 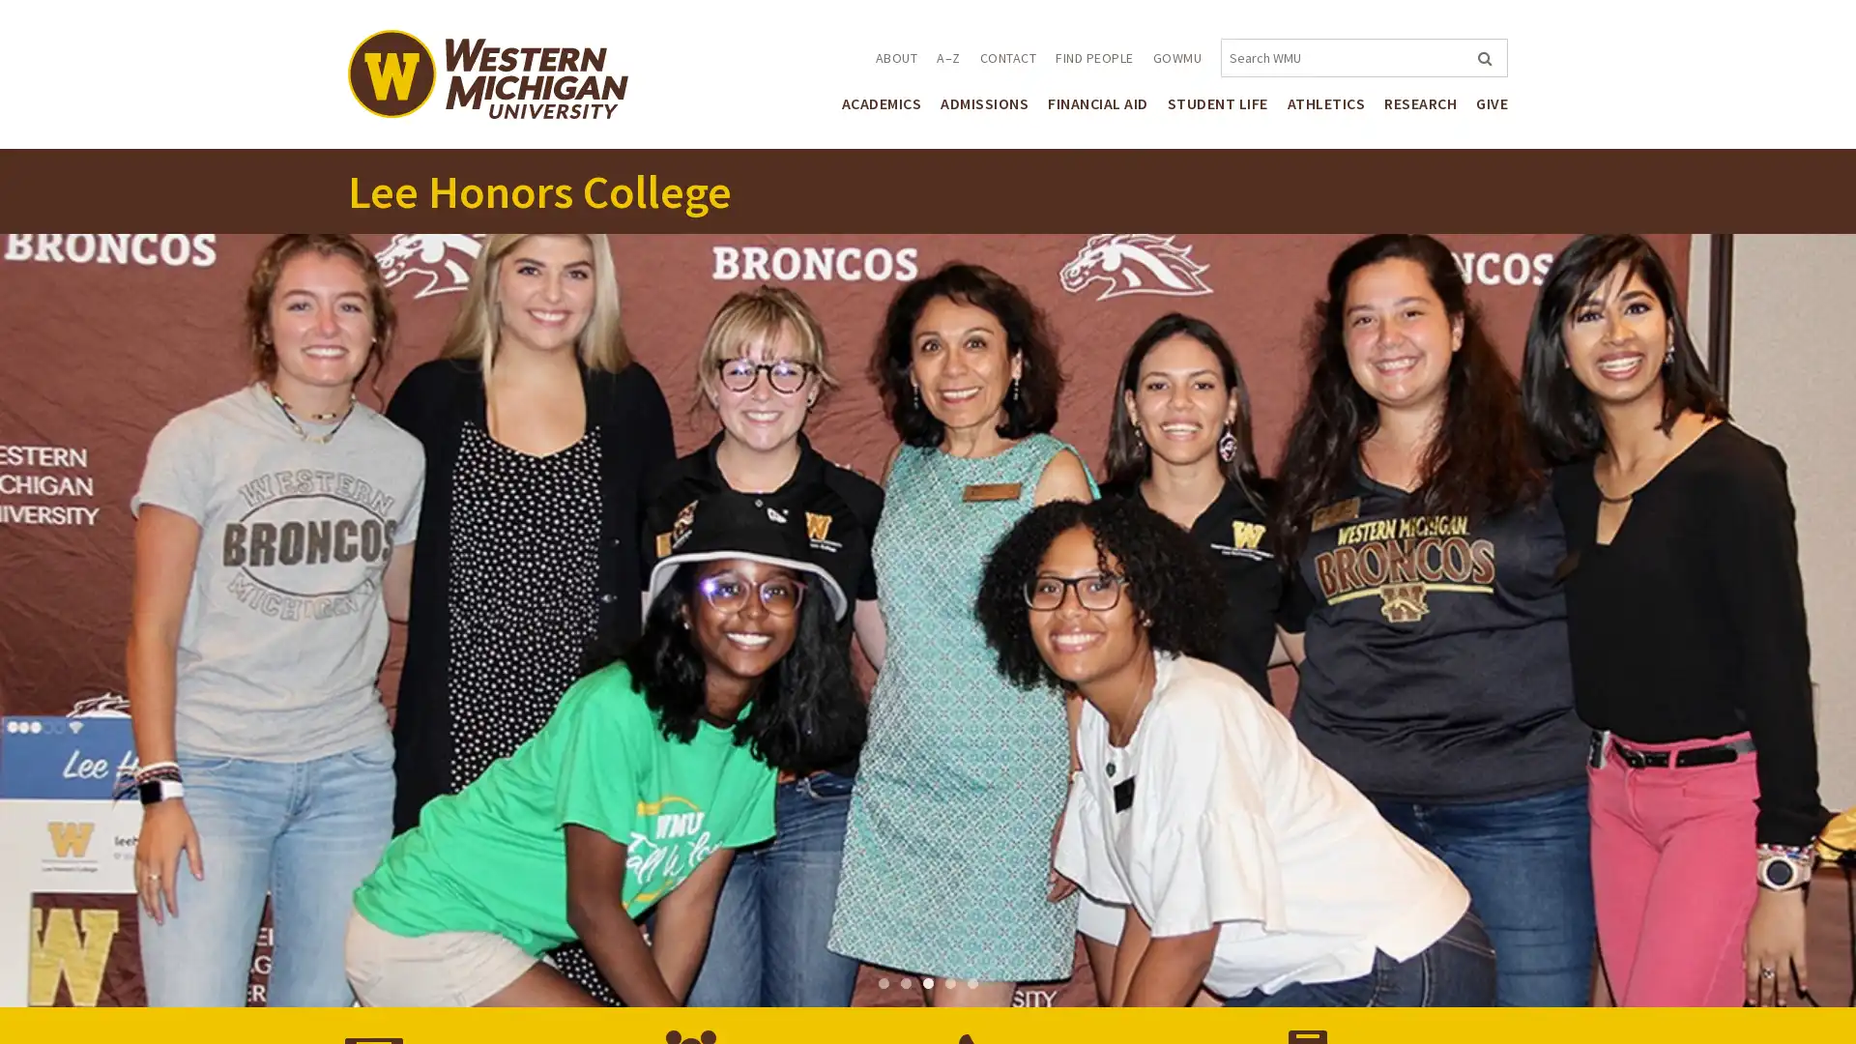 What do you see at coordinates (1482, 57) in the screenshot?
I see `SEARCH` at bounding box center [1482, 57].